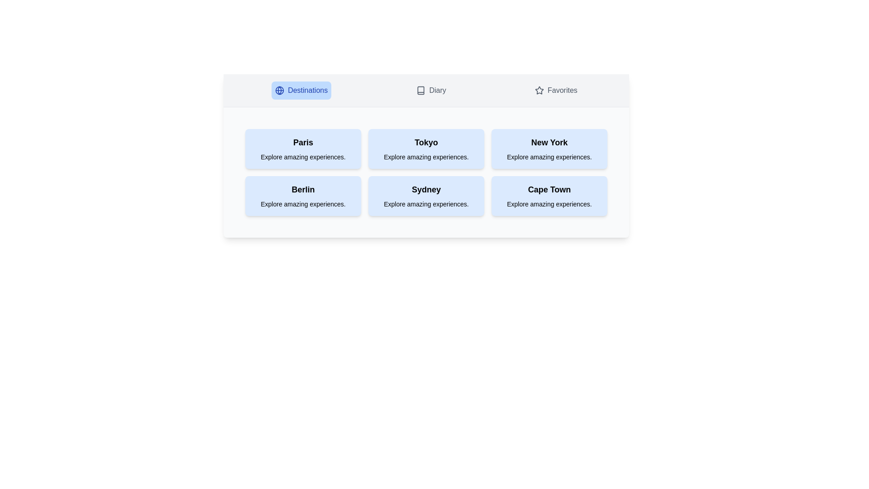  I want to click on the Diary tab to switch to the corresponding section, so click(431, 91).